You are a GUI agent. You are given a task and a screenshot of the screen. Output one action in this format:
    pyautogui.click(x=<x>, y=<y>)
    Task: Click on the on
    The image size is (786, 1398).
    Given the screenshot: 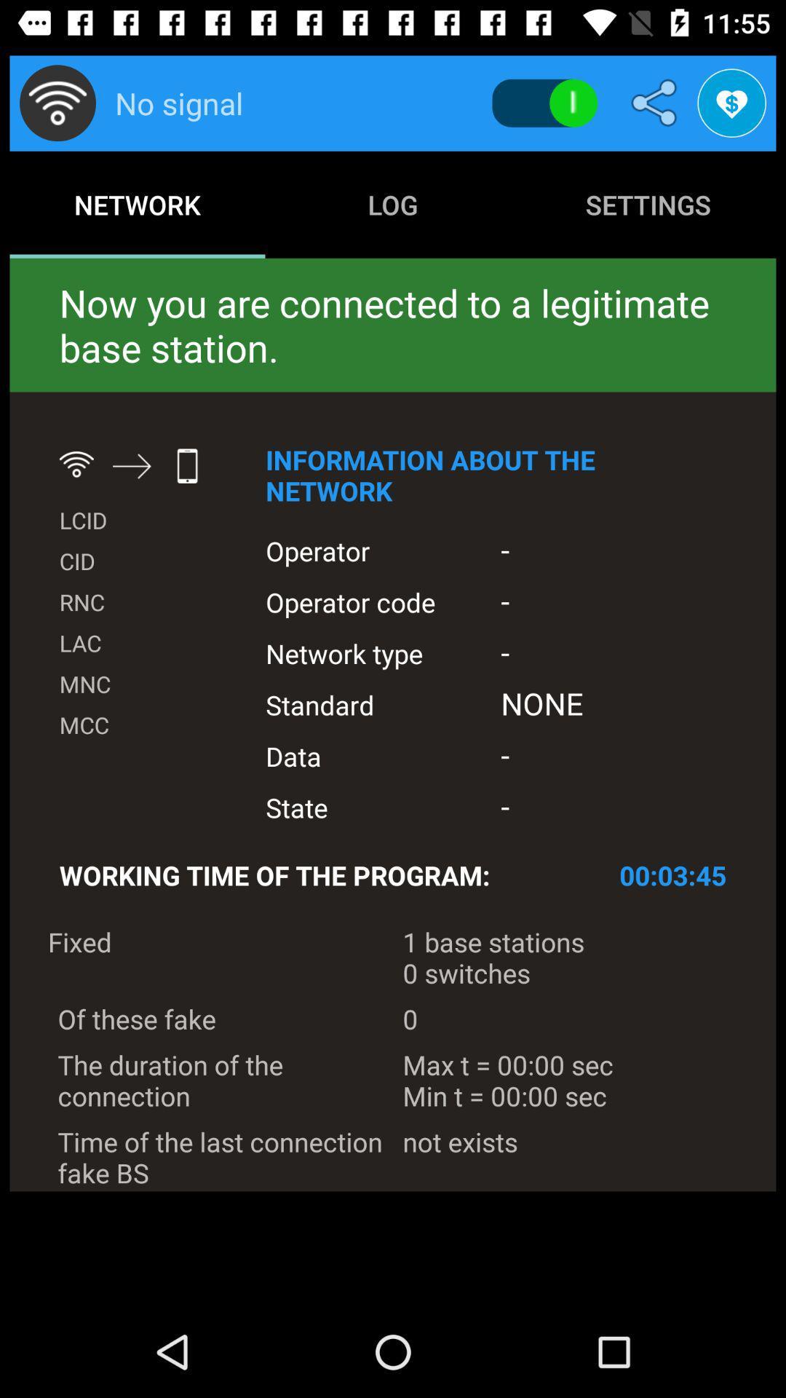 What is the action you would take?
    pyautogui.click(x=544, y=103)
    